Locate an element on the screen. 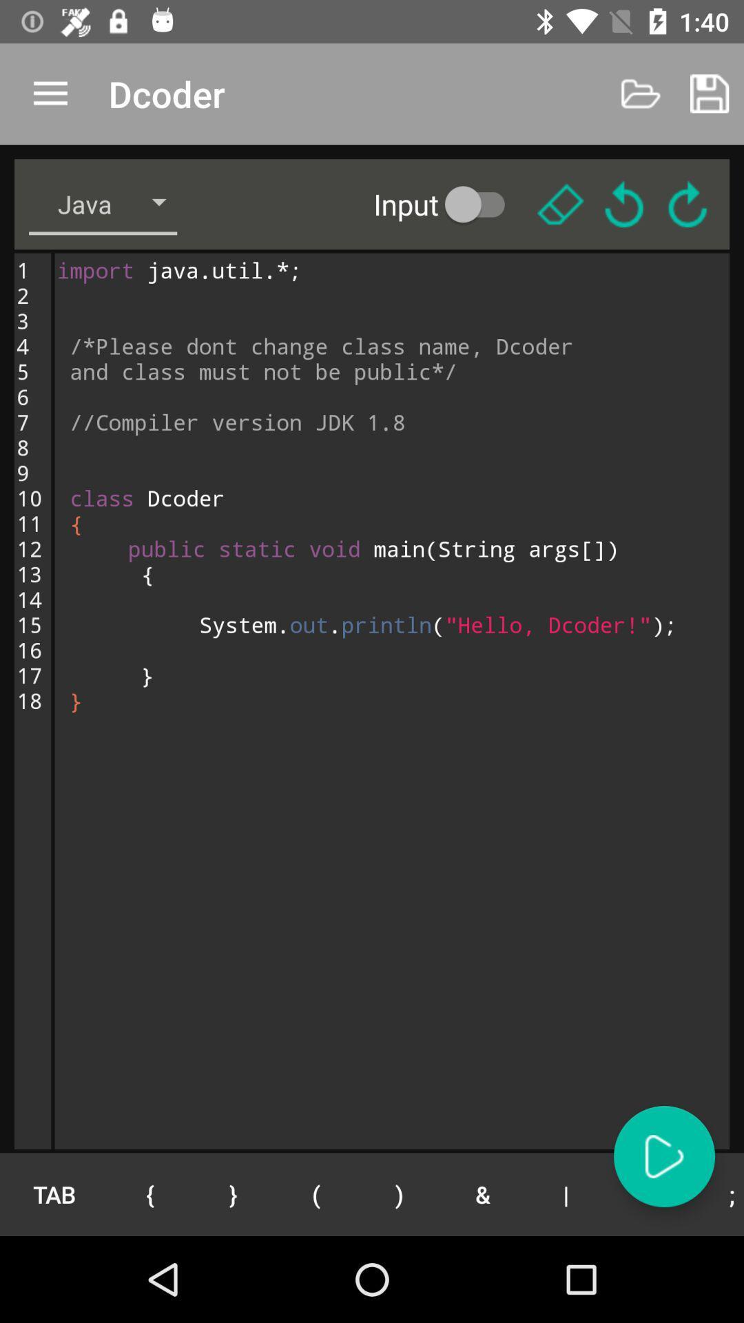  button above the tab button is located at coordinates (392, 701).